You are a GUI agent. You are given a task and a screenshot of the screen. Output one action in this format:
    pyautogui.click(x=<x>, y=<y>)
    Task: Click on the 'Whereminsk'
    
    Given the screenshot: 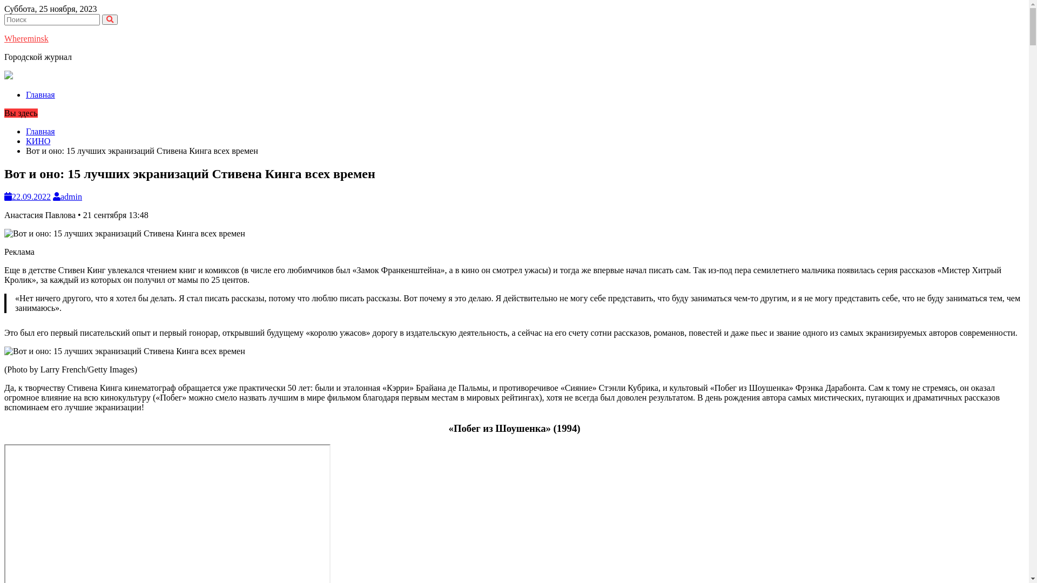 What is the action you would take?
    pyautogui.click(x=26, y=38)
    